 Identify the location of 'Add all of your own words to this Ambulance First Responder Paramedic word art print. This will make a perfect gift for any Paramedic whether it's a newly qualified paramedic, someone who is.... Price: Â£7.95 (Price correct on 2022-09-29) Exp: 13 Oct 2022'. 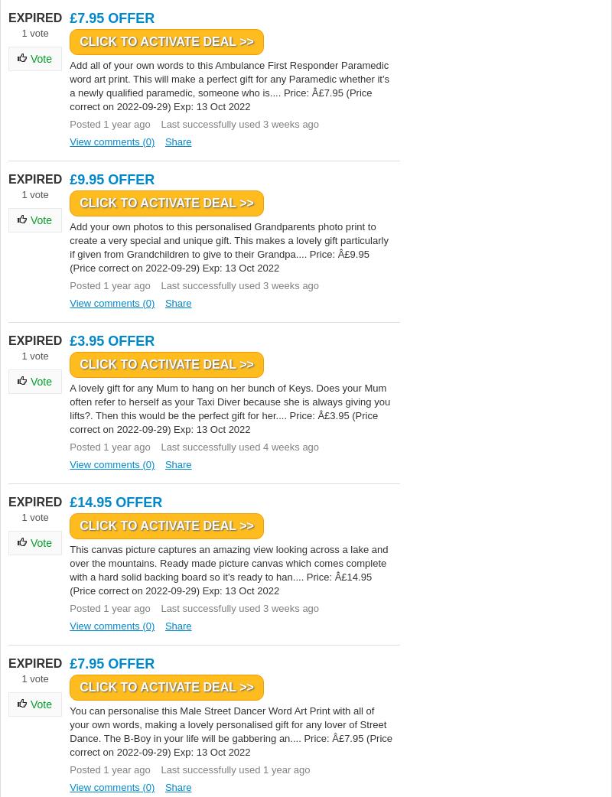
(229, 86).